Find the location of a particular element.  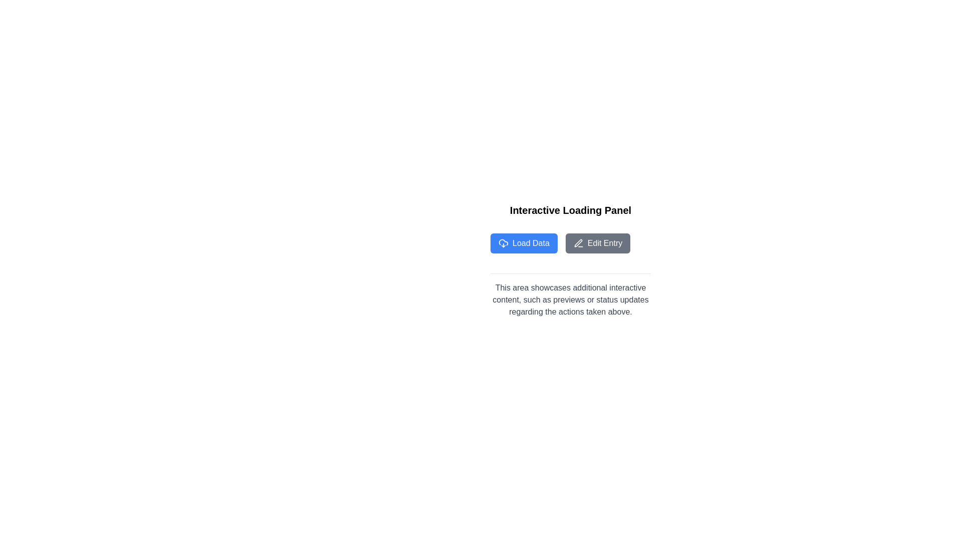

the edit button, which is the second button in the horizontal group located below the 'Interactive Loading Panel' title is located at coordinates (598, 243).